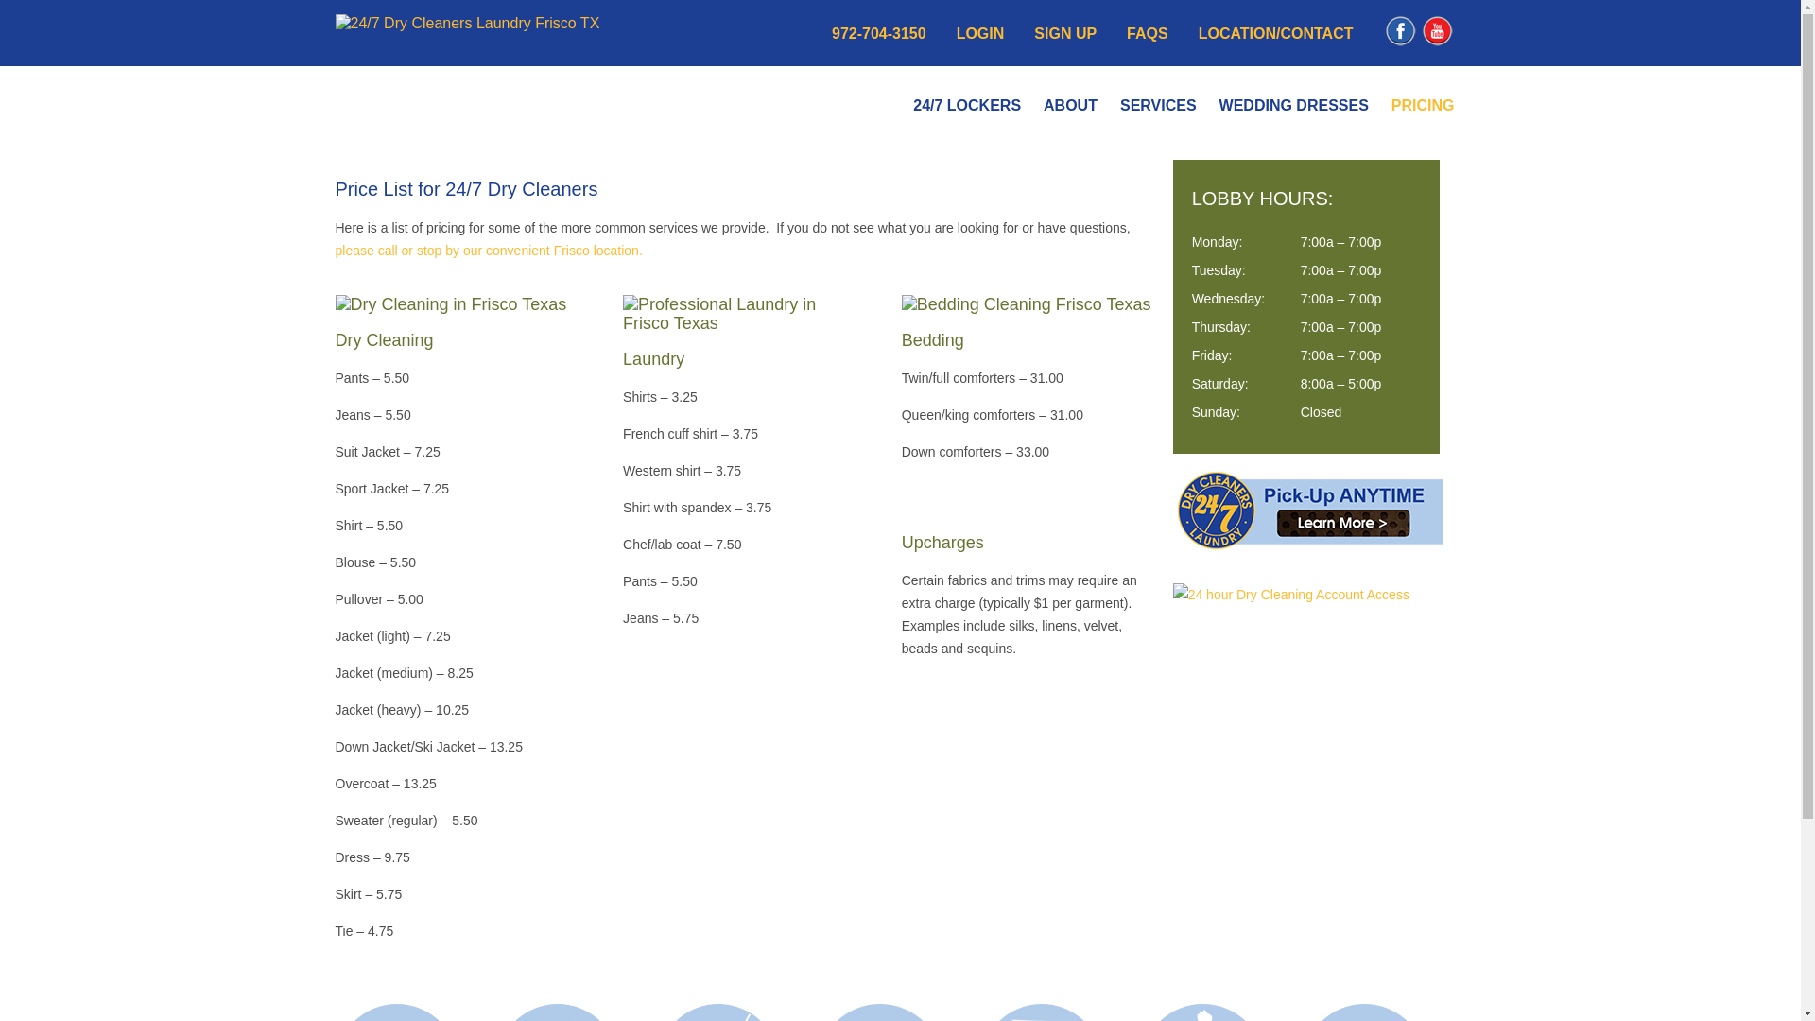  Describe the element at coordinates (1126, 33) in the screenshot. I see `'FAQS'` at that location.